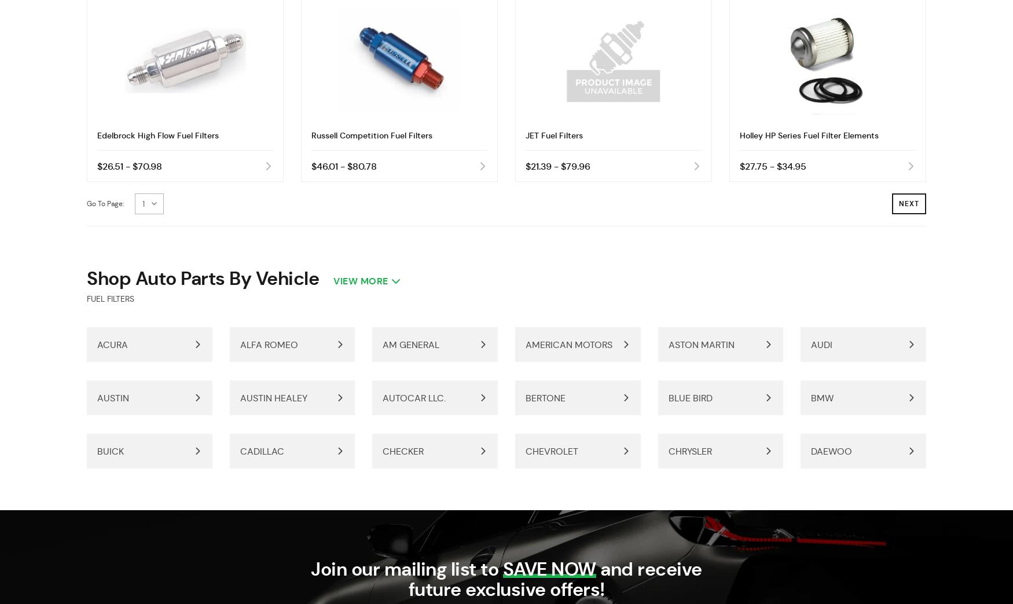 This screenshot has height=604, width=1013. Describe the element at coordinates (112, 345) in the screenshot. I see `'ACURA'` at that location.